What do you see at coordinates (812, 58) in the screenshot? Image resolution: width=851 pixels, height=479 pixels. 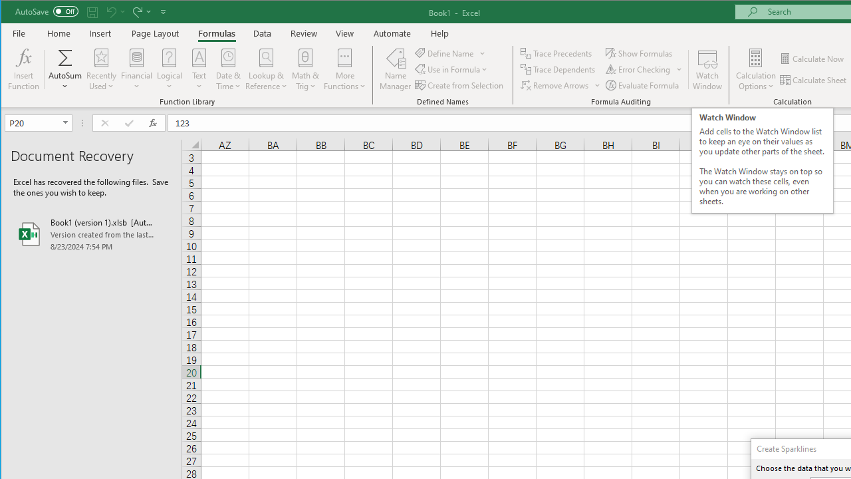 I see `'Calculate Now'` at bounding box center [812, 58].